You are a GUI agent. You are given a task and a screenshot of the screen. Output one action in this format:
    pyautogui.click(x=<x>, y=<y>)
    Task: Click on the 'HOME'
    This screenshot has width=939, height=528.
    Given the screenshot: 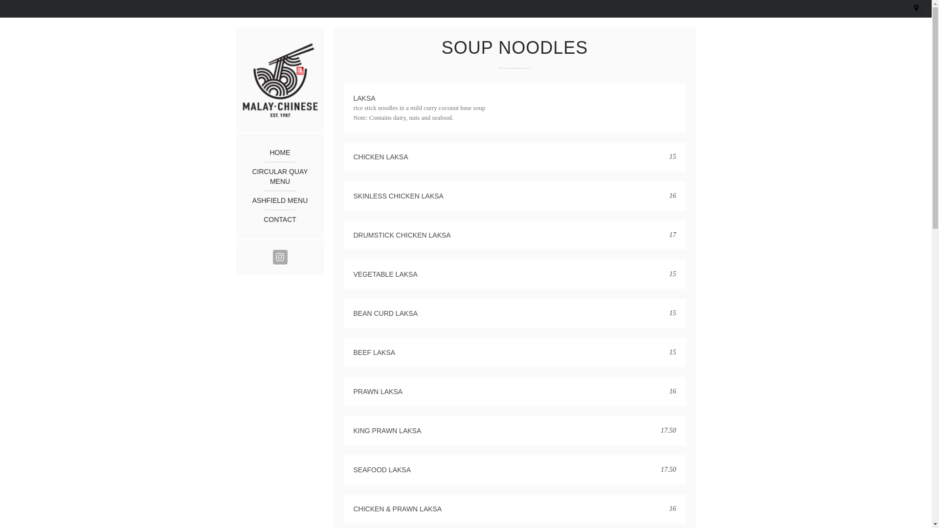 What is the action you would take?
    pyautogui.click(x=279, y=153)
    